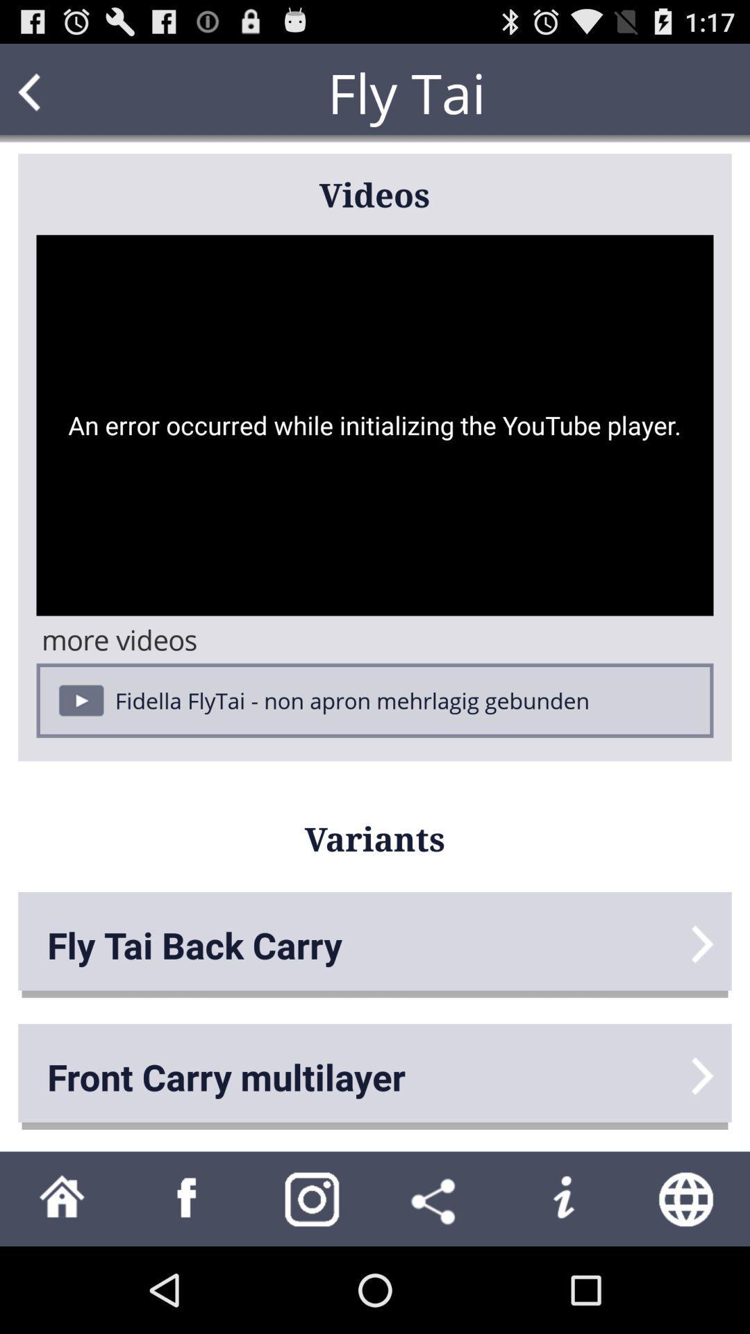  Describe the element at coordinates (562, 1198) in the screenshot. I see `get more information` at that location.